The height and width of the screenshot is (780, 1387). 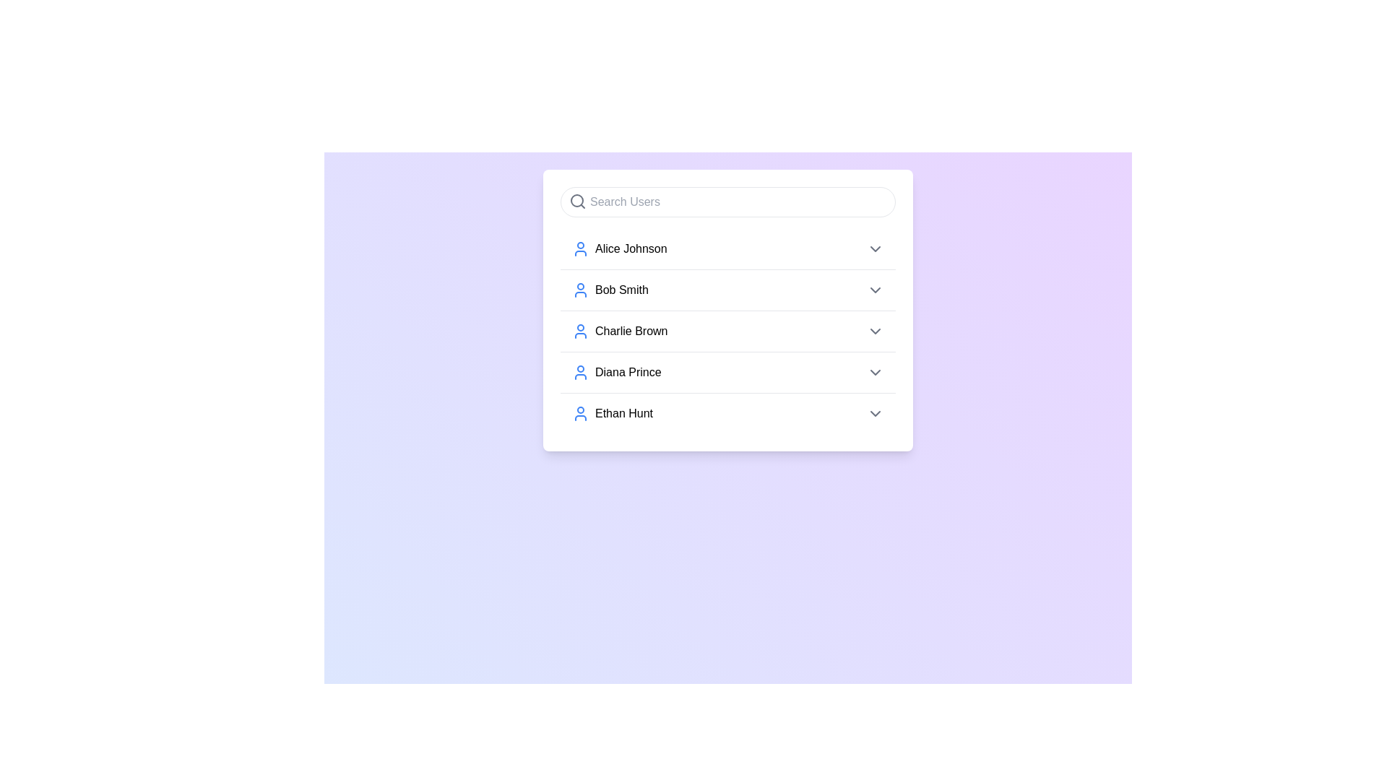 What do you see at coordinates (621, 290) in the screenshot?
I see `the text label displaying the name 'Bob Smith', which is the second user in a vertical list of names, positioned between 'Alice Johnson' and 'Charlie Brown'` at bounding box center [621, 290].